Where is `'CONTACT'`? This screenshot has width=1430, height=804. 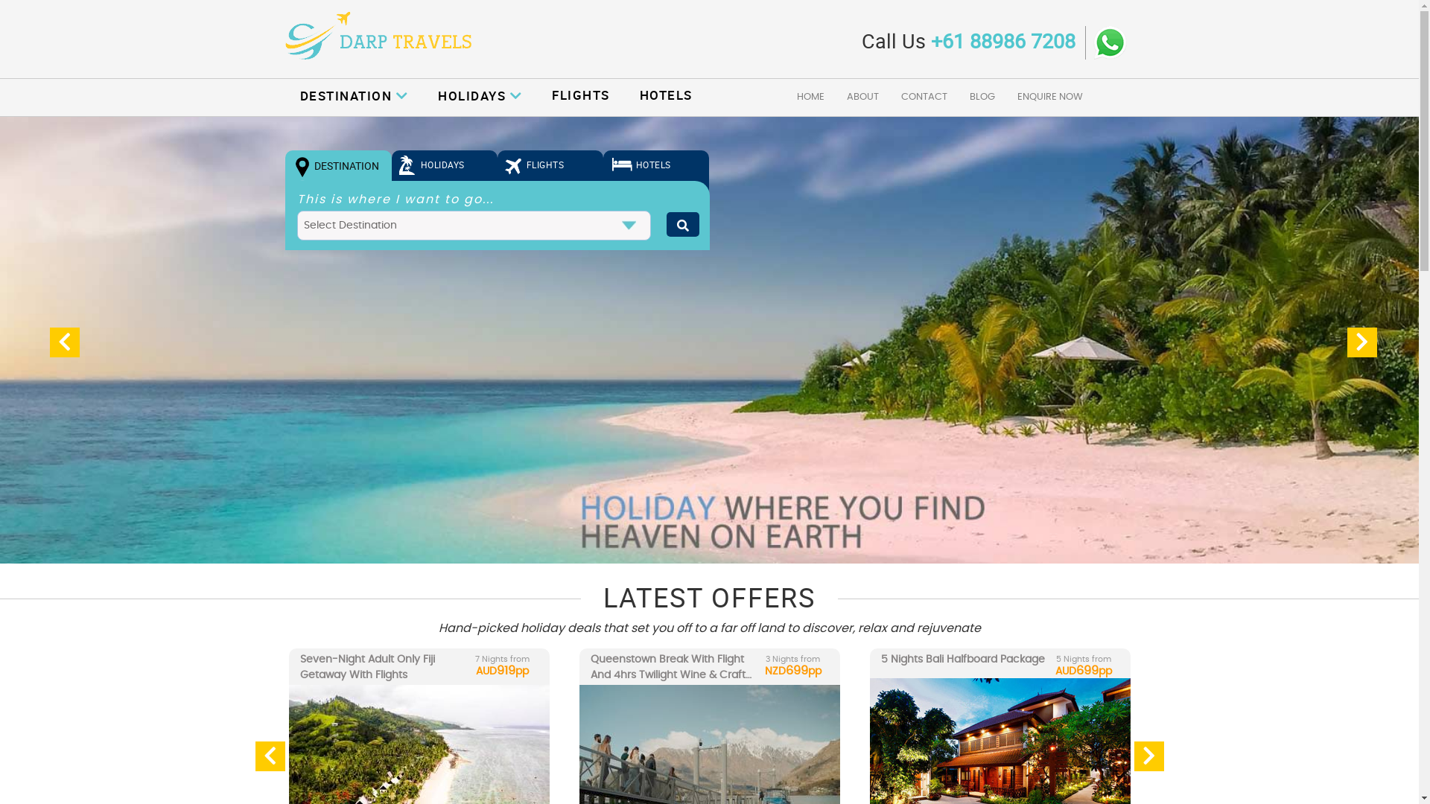
'CONTACT' is located at coordinates (924, 98).